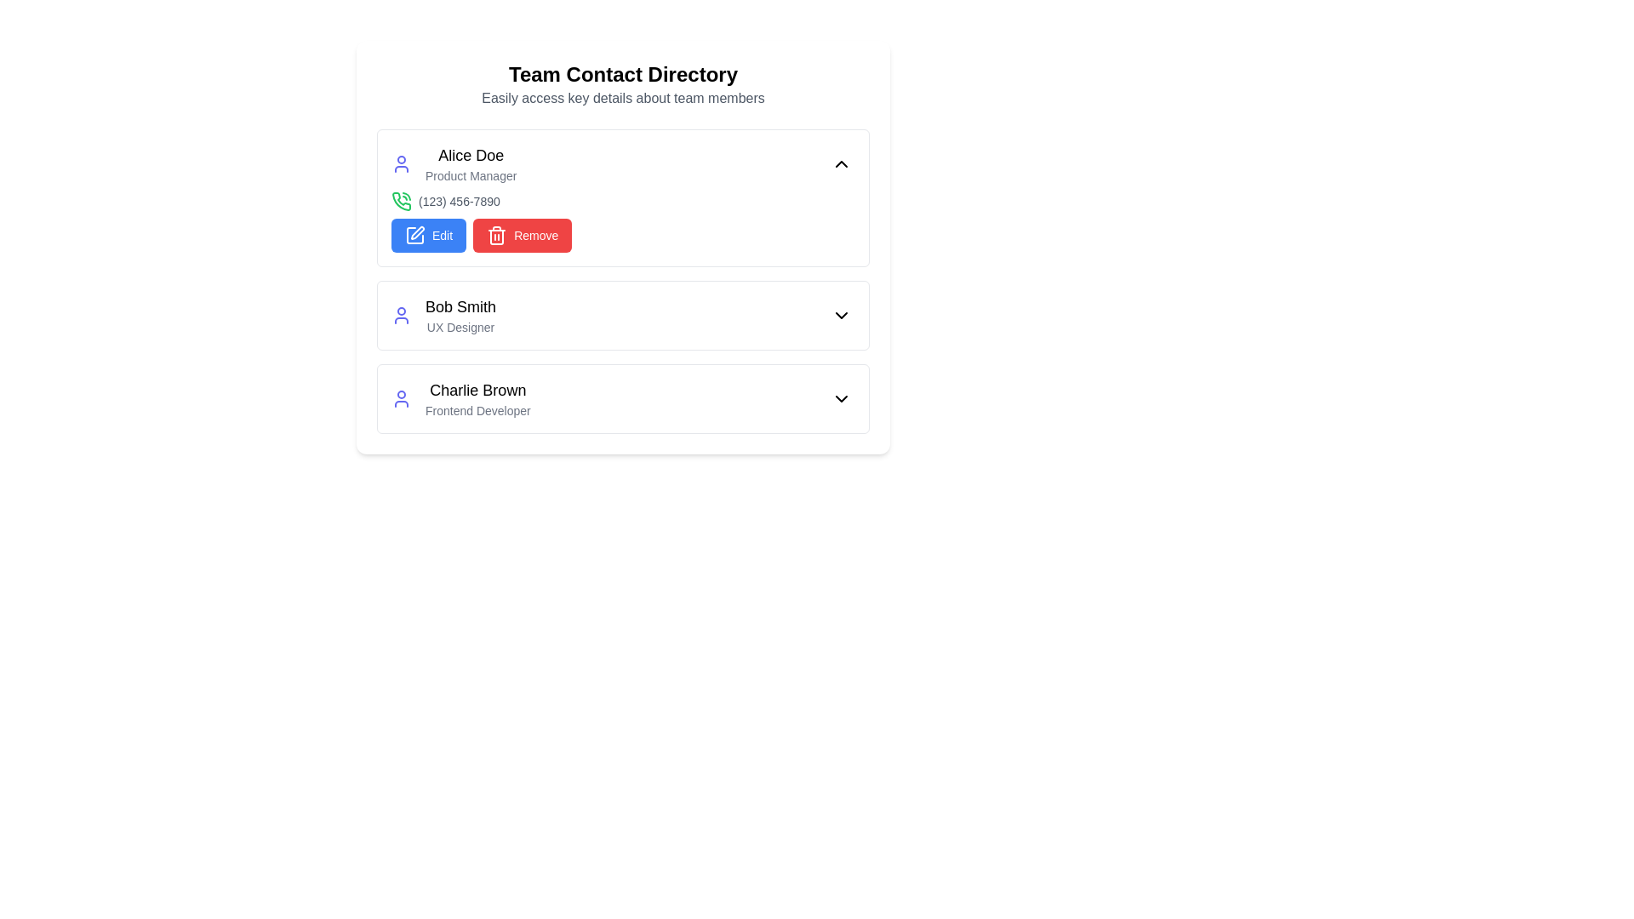 Image resolution: width=1634 pixels, height=919 pixels. Describe the element at coordinates (400, 315) in the screenshot. I see `the User avatar icon (SVG) located to the left of the contact entry 'Bob Smith UX Designer', which features a circular head and two rounded shoulders in indigo color` at that location.